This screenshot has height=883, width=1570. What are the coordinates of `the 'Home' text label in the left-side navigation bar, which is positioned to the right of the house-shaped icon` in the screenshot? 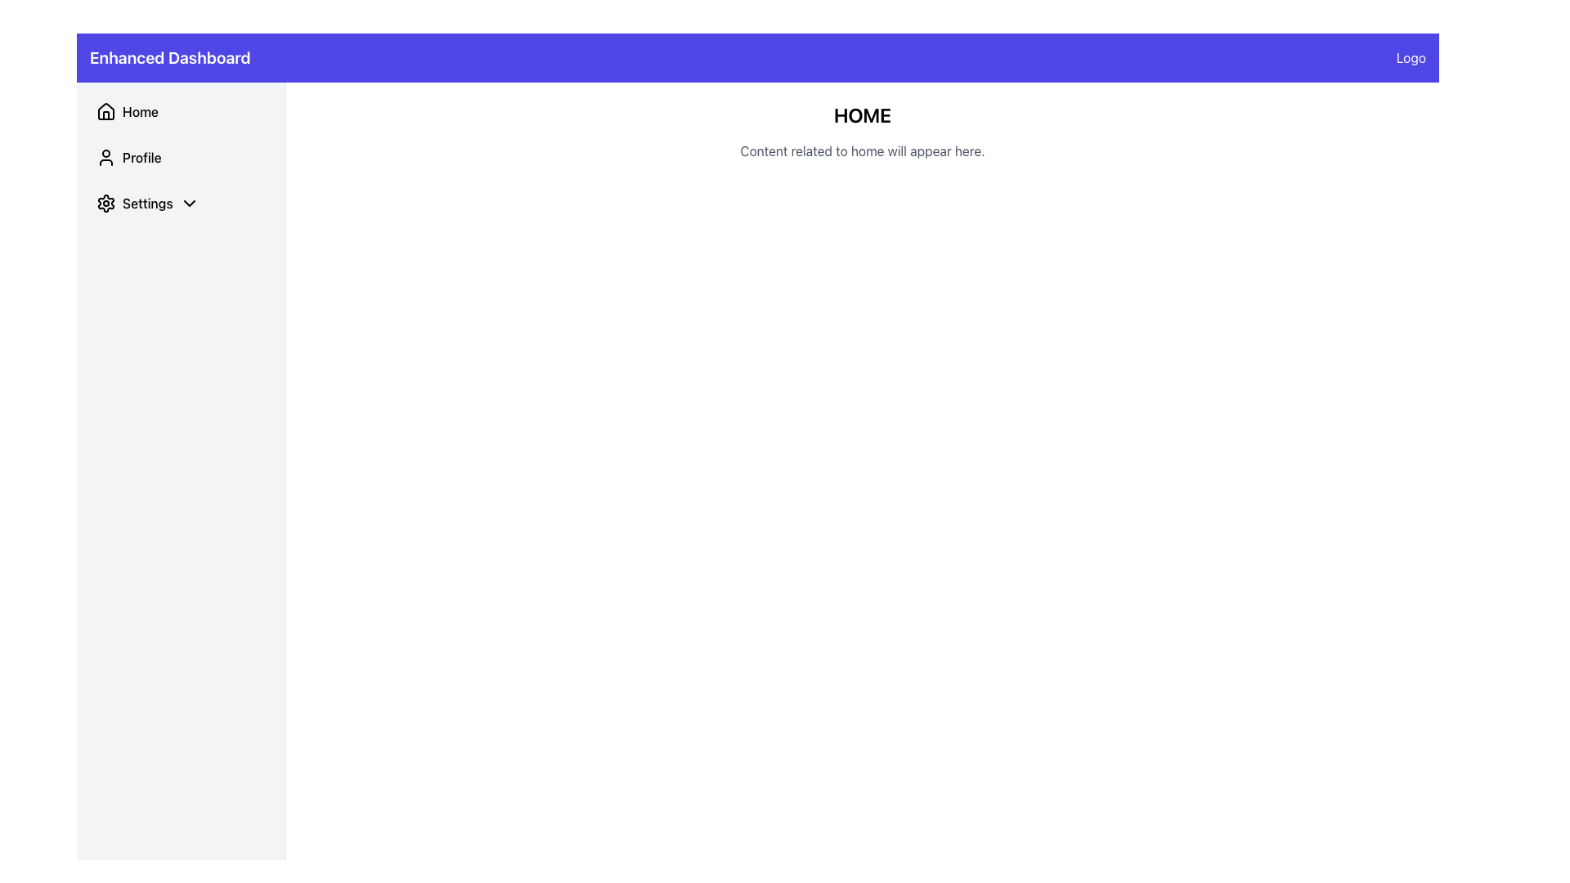 It's located at (141, 111).